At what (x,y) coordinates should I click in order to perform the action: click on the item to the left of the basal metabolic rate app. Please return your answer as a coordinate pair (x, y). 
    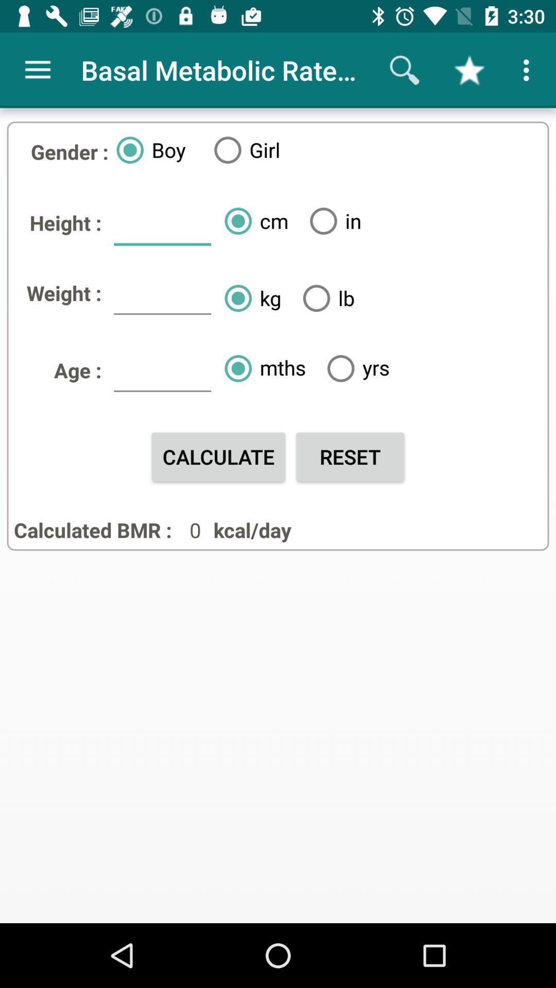
    Looking at the image, I should click on (37, 69).